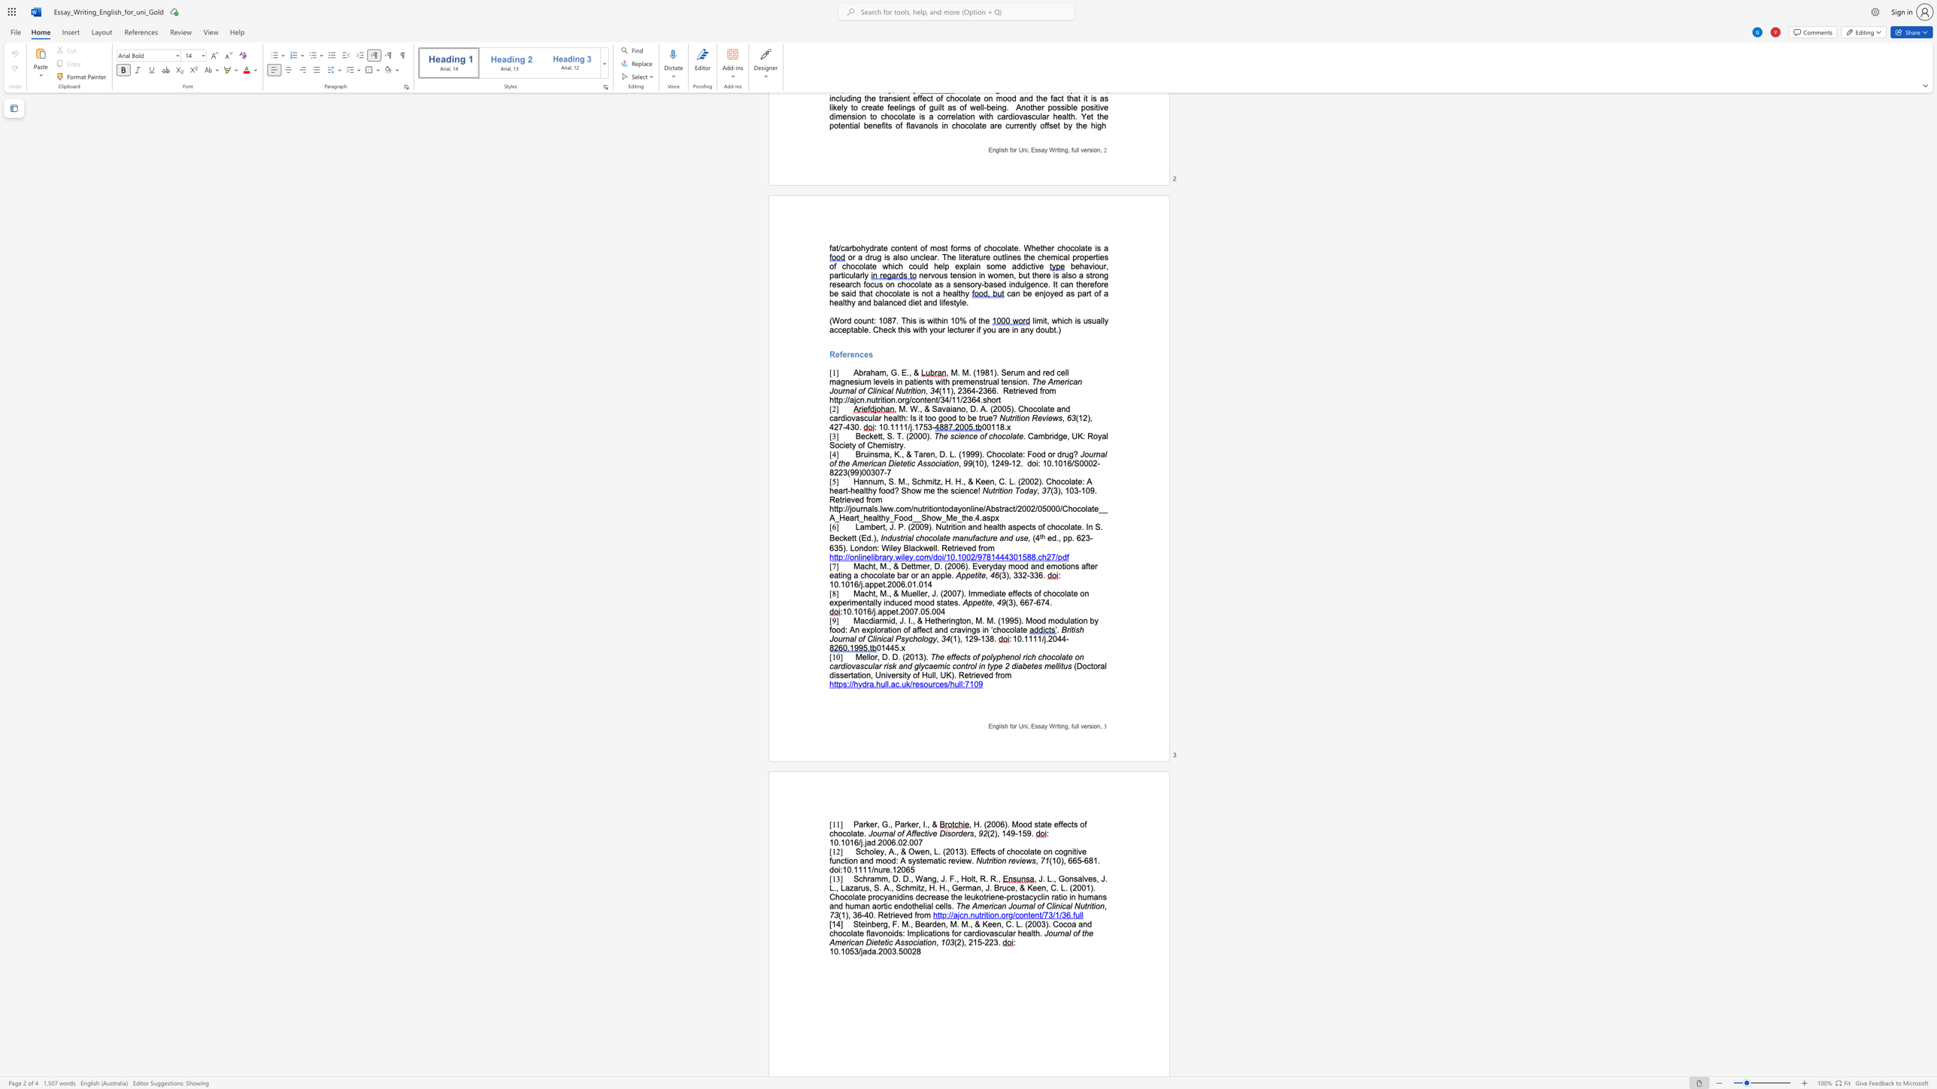 The image size is (1937, 1089). What do you see at coordinates (839, 675) in the screenshot?
I see `the subset text "sertation, University of Hull, UK" within the text "(Doctoral dissertation, University of Hull, UK). Retrieved from"` at bounding box center [839, 675].